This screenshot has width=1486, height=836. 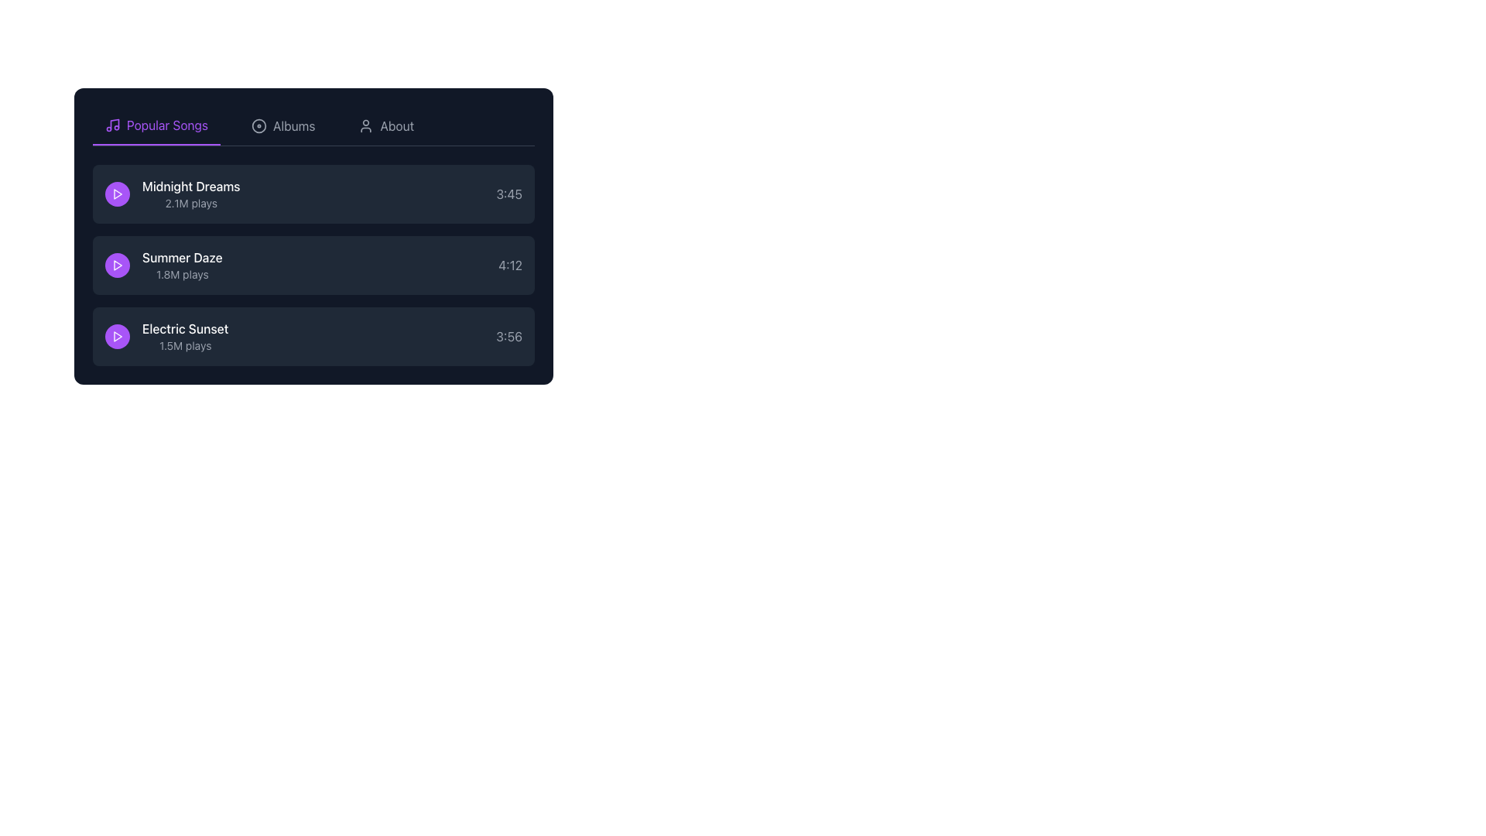 What do you see at coordinates (182, 256) in the screenshot?
I see `the text content of the song title label located in the center of the visible interface, positioned above the '1.8M plays' text and next to the play button` at bounding box center [182, 256].